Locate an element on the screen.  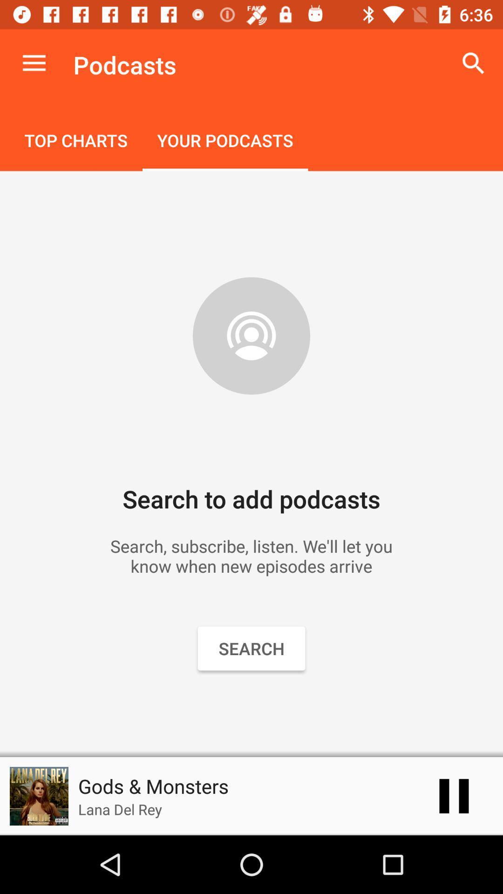
item to the left of podcasts icon is located at coordinates (34, 63).